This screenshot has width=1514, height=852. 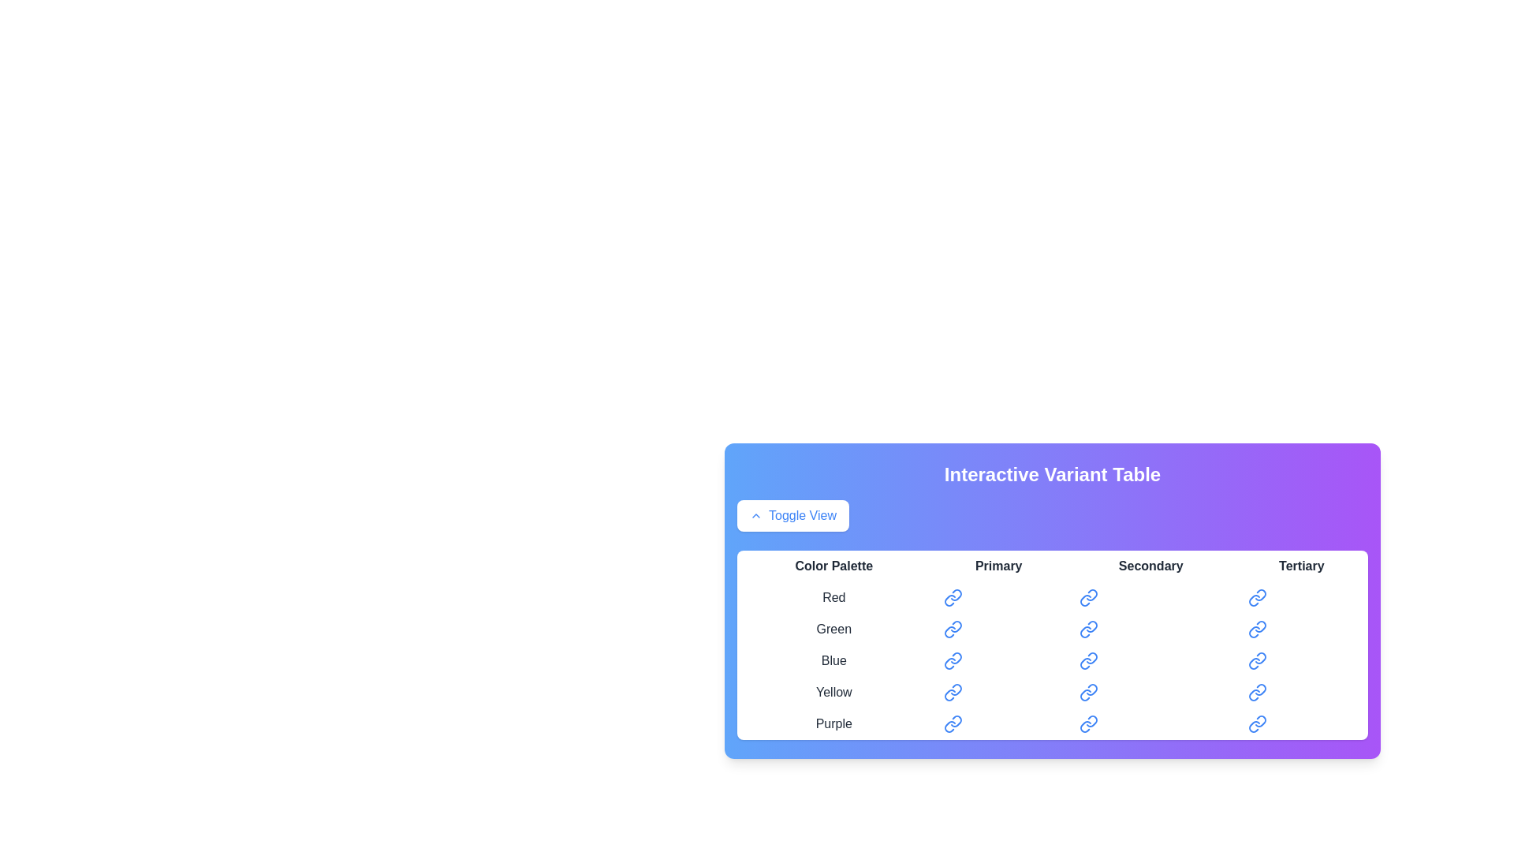 What do you see at coordinates (1084, 727) in the screenshot?
I see `the blue link icon located in the fifth row under the 'Secondary' column corresponding to the 'Purple' row` at bounding box center [1084, 727].